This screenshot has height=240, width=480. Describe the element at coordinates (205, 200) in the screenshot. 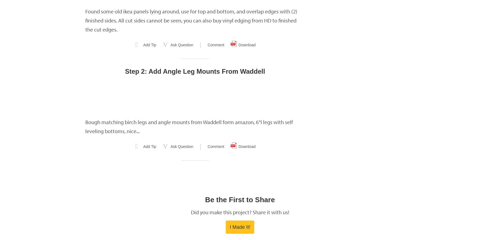

I see `'Be the First to Share'` at that location.